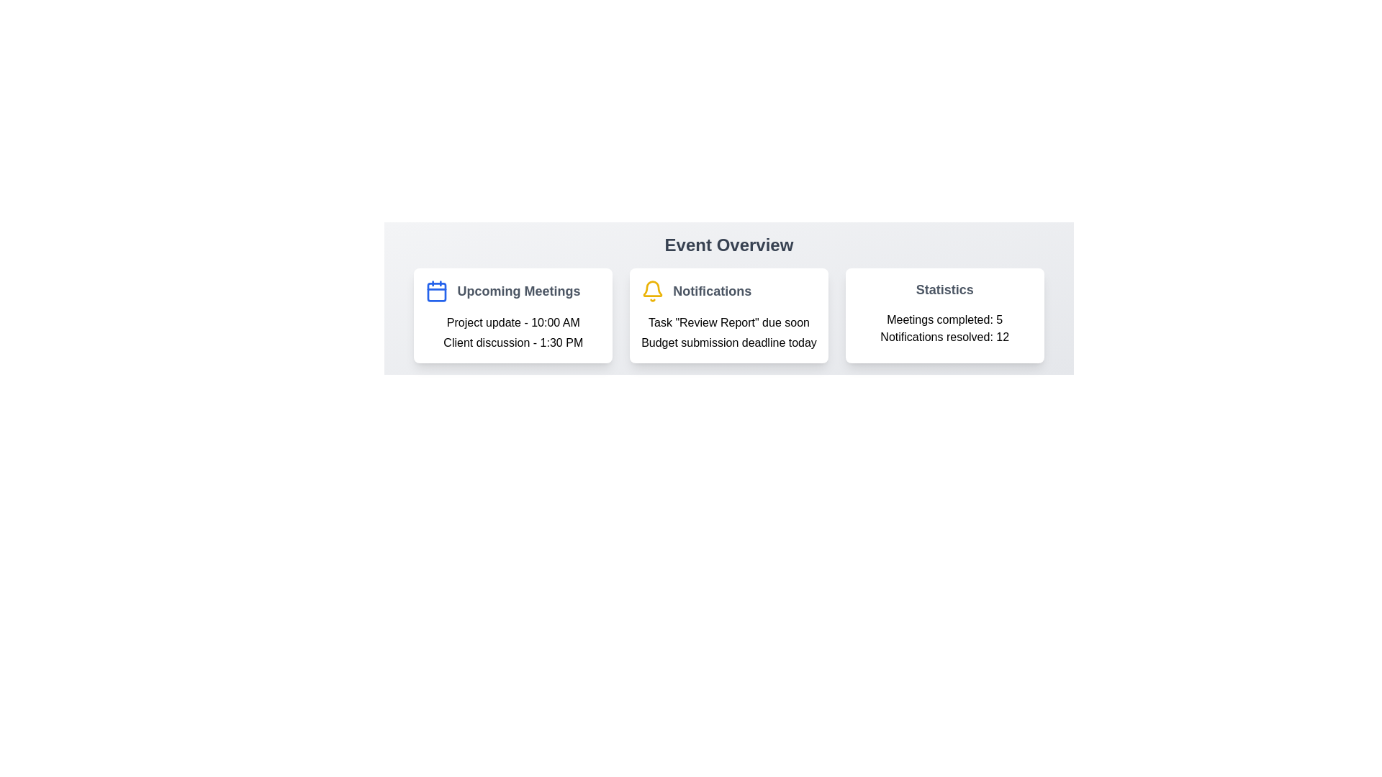  I want to click on the Header text element that serves as the title for the card titled 'Statistics', positioned at the top section of the card, so click(944, 289).